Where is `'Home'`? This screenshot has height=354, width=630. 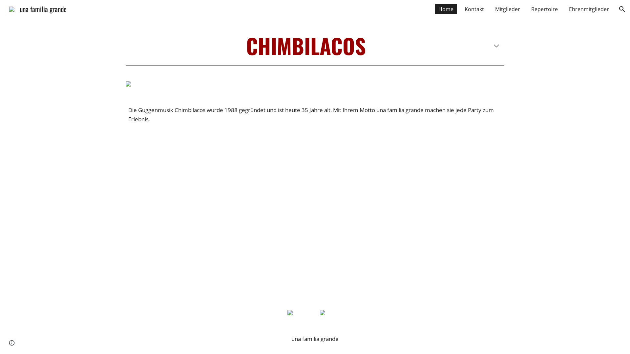 'Home' is located at coordinates (435, 9).